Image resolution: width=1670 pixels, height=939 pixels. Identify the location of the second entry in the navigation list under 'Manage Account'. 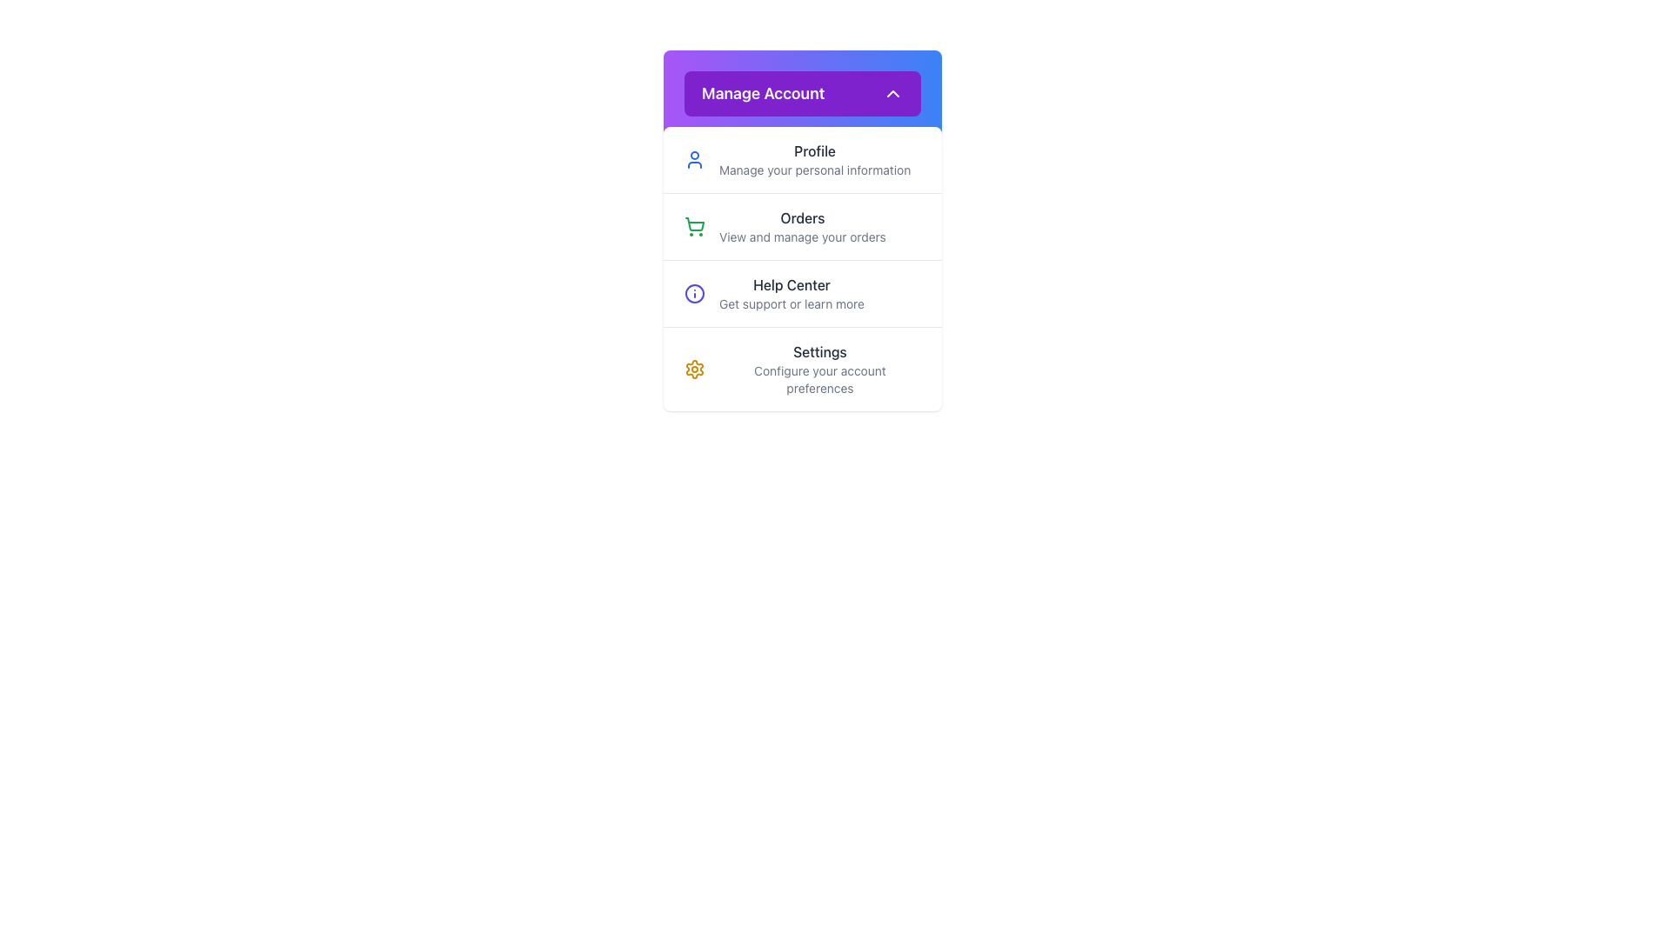
(801, 225).